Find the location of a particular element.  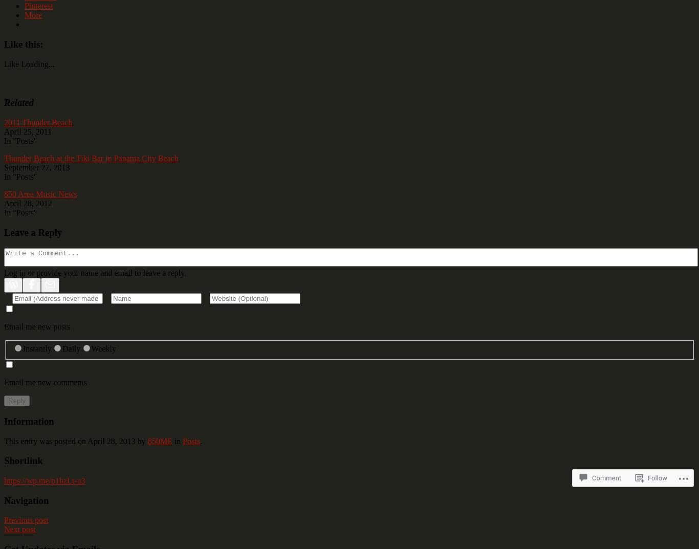

'More' is located at coordinates (33, 14).